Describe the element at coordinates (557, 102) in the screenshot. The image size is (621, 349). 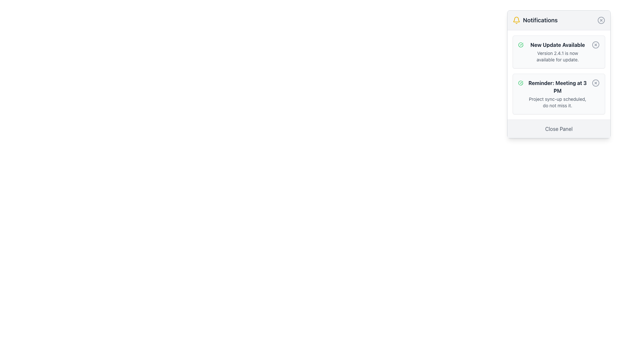
I see `the text element displaying 'Project sync-up scheduled, do not miss it.' which is located beneath the heading 'Reminder: Meeting at 3 PM' in the notification card` at that location.